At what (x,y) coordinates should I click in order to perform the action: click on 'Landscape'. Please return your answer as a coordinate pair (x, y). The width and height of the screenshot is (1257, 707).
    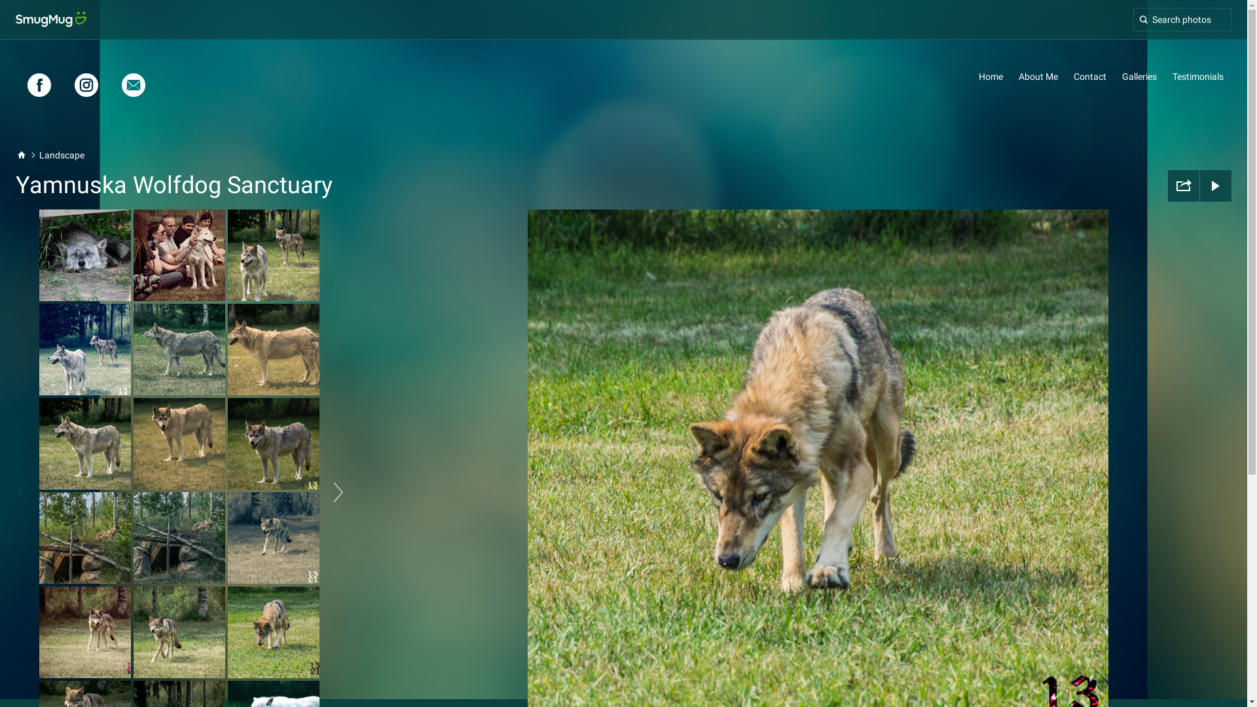
    Looking at the image, I should click on (61, 154).